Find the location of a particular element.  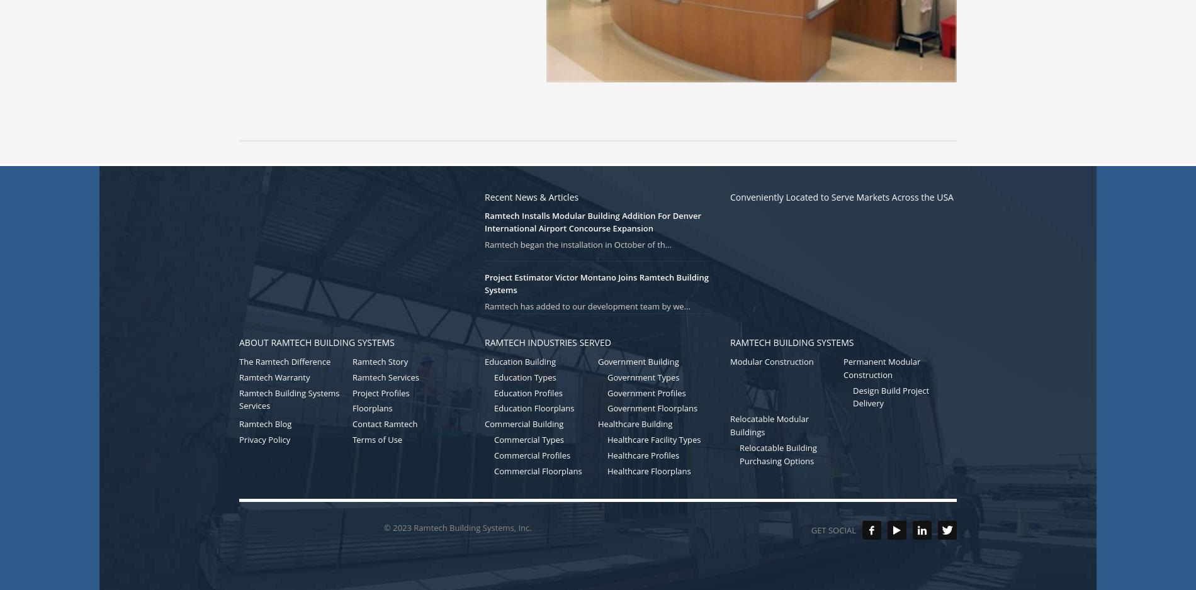

'RAMTECH INDUSTRIES SERVED' is located at coordinates (547, 342).